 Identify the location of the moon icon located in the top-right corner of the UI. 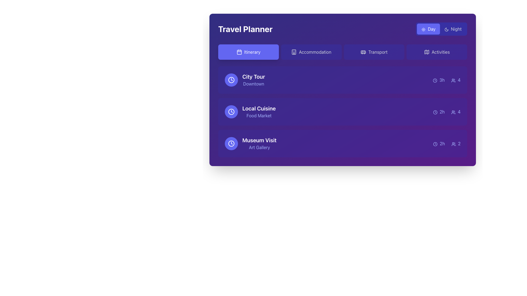
(446, 29).